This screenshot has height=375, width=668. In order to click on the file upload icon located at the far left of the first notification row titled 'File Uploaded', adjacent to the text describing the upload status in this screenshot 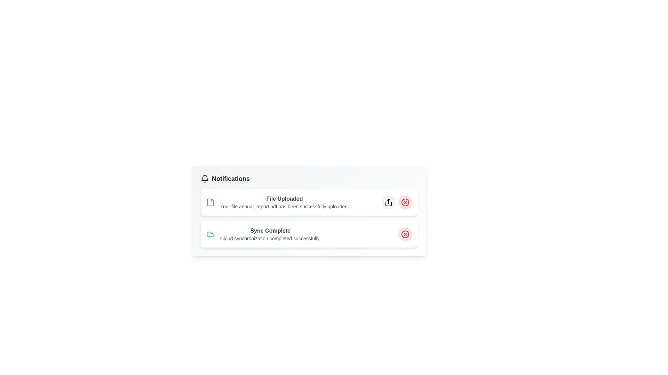, I will do `click(210, 202)`.